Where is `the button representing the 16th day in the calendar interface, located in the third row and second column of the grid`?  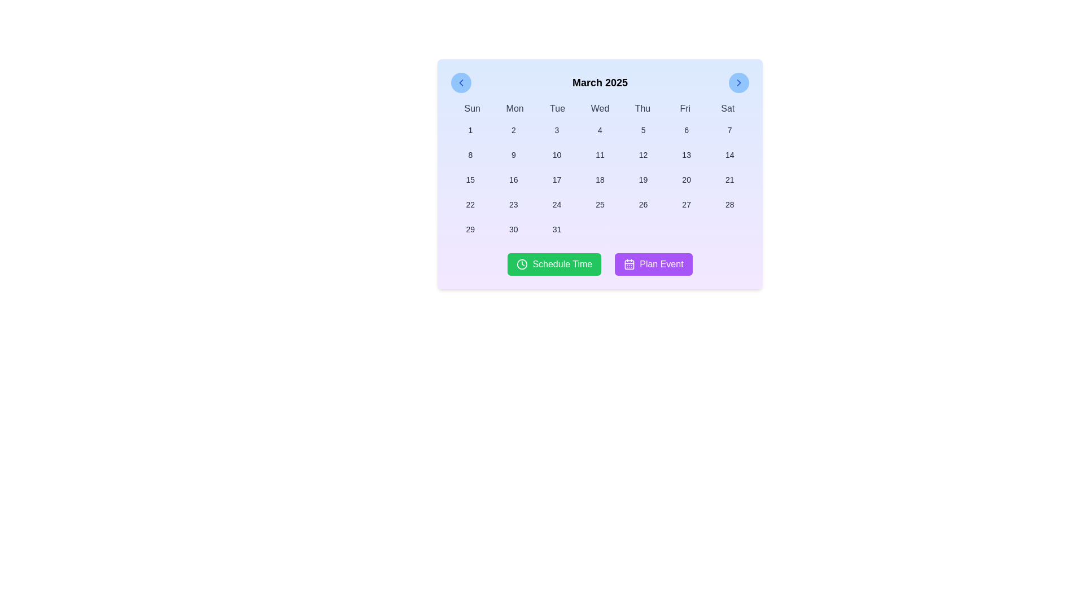 the button representing the 16th day in the calendar interface, located in the third row and second column of the grid is located at coordinates (513, 179).